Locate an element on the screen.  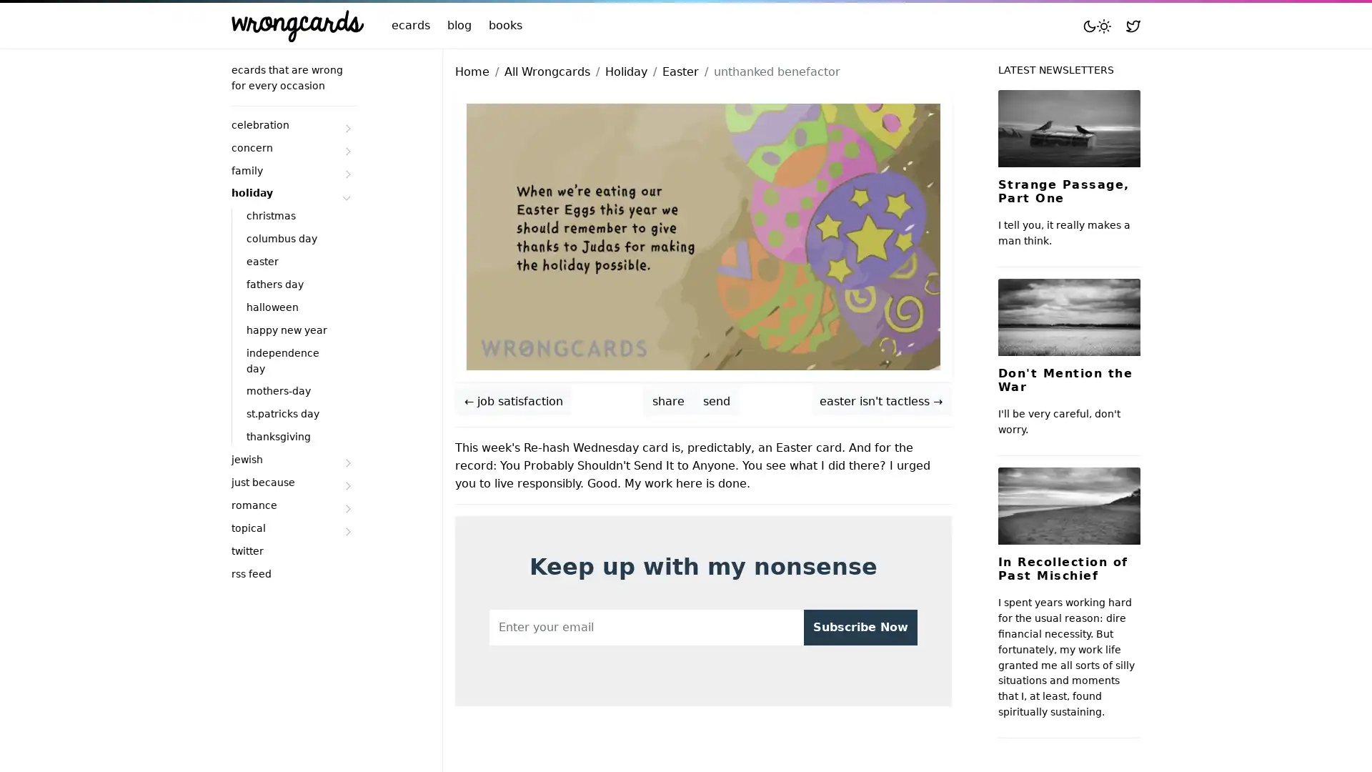
easter isn't tactless is located at coordinates (880, 401).